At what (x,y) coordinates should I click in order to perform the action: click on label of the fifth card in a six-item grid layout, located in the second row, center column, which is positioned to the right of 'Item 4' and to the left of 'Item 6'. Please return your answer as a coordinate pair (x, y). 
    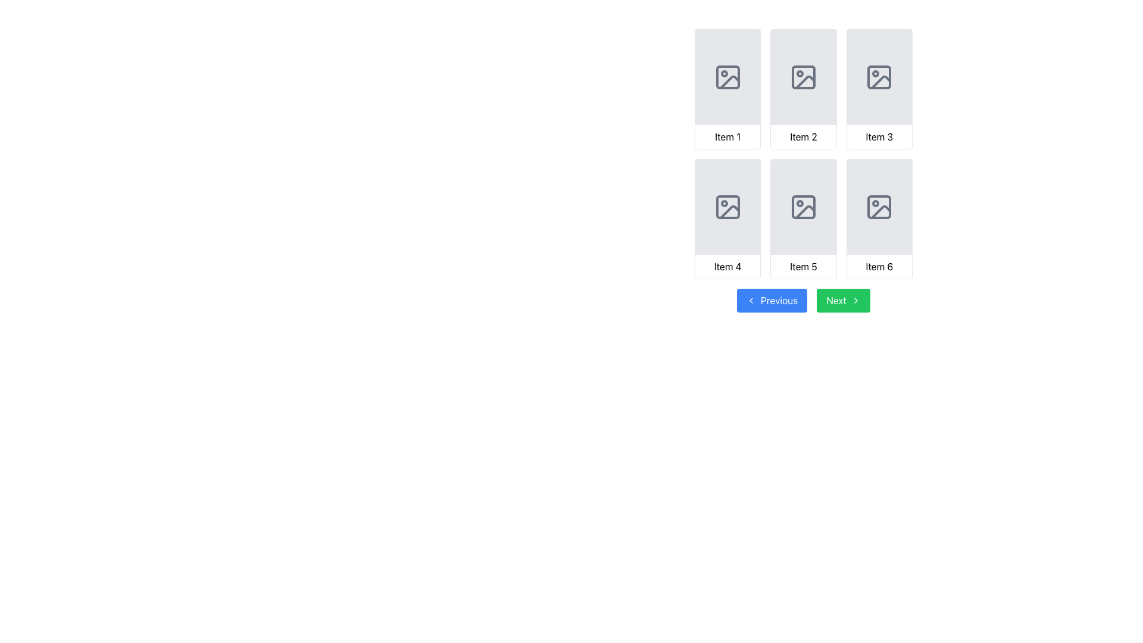
    Looking at the image, I should click on (803, 219).